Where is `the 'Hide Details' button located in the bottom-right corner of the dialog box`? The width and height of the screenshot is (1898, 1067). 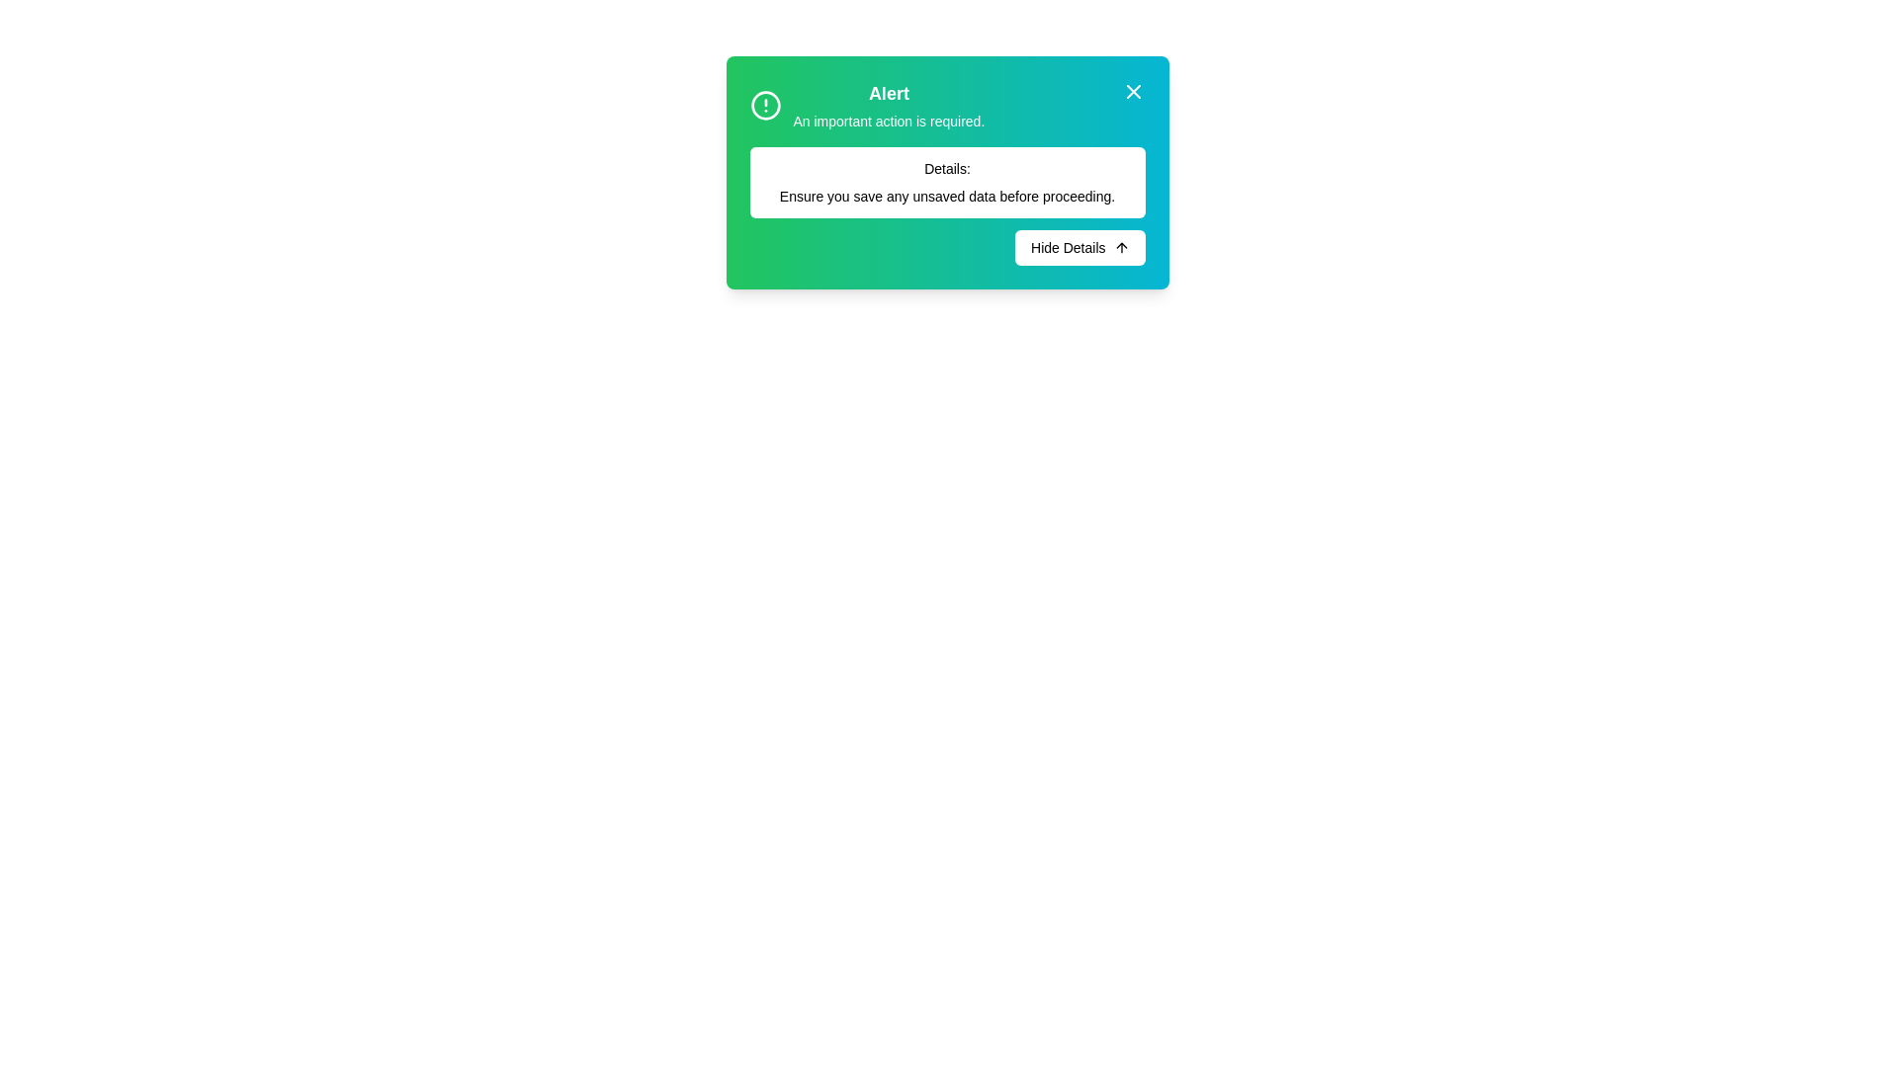 the 'Hide Details' button located in the bottom-right corner of the dialog box is located at coordinates (1078, 246).